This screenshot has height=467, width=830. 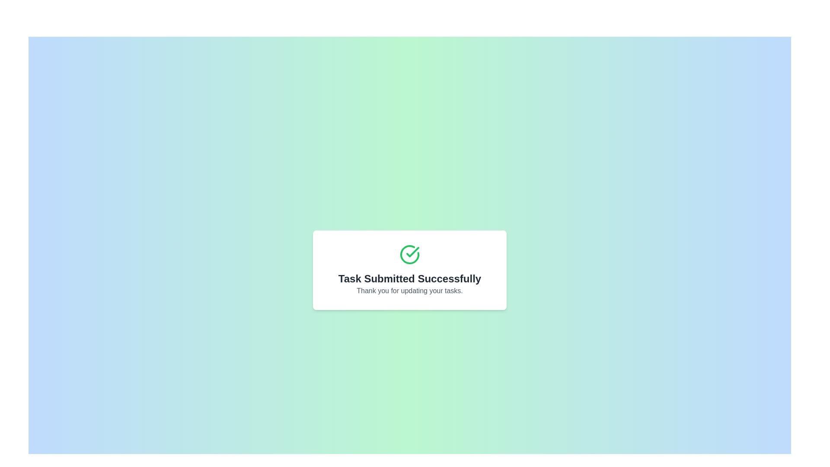 I want to click on the success icon indicating task completion, which is visually represented within a green circular indicator in the center of the white dialog box, so click(x=412, y=252).